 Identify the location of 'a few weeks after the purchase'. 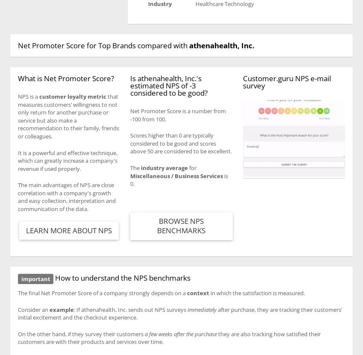
(181, 333).